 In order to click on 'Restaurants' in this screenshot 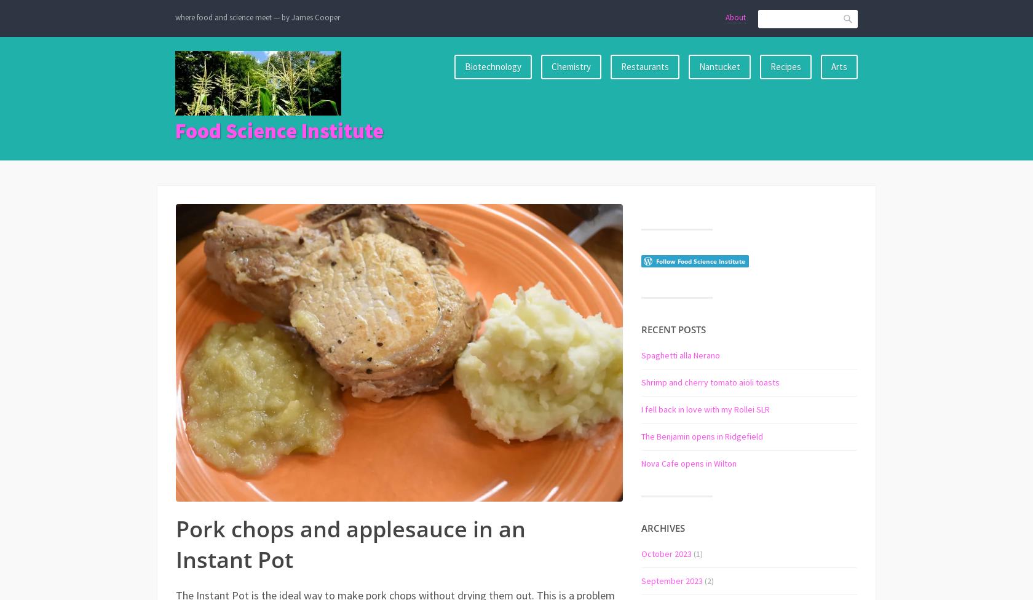, I will do `click(644, 66)`.